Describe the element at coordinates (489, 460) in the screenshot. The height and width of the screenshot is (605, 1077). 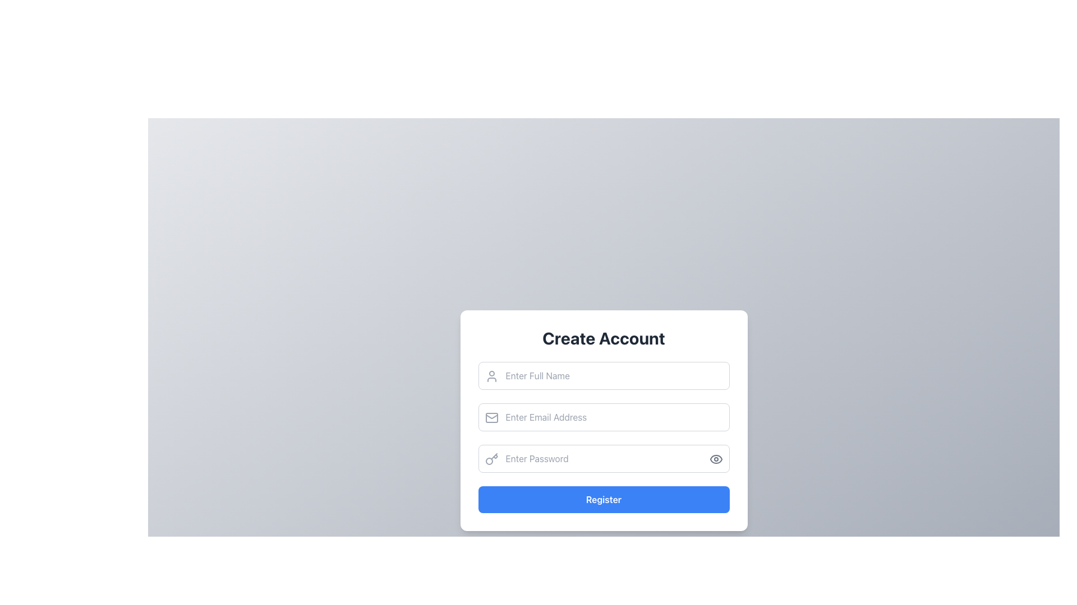
I see `the decorative graphical element representing the keyhole part of the 'key' icon, located within the third field of the form near the password input field` at that location.